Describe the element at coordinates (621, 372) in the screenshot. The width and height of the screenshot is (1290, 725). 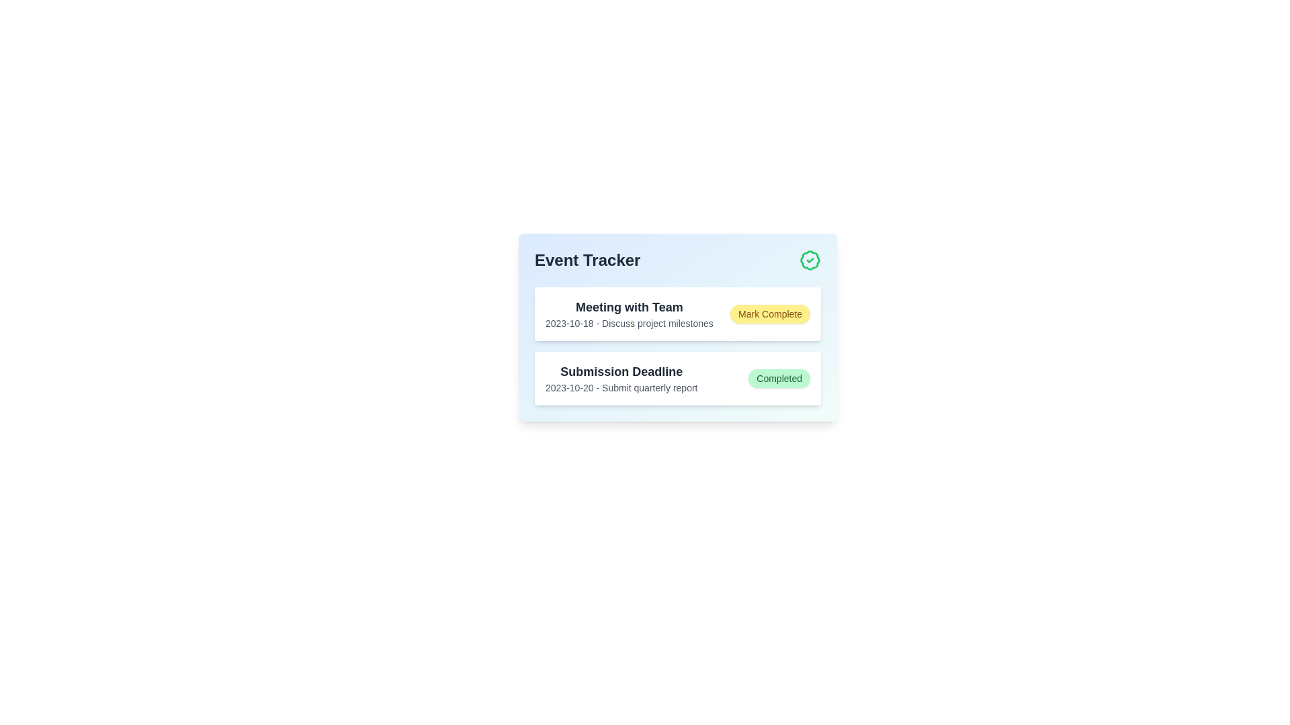
I see `the static text label located at the top of the second panel in the 'Event Tracker' interface, which indicates the subject of the deadline and action details` at that location.